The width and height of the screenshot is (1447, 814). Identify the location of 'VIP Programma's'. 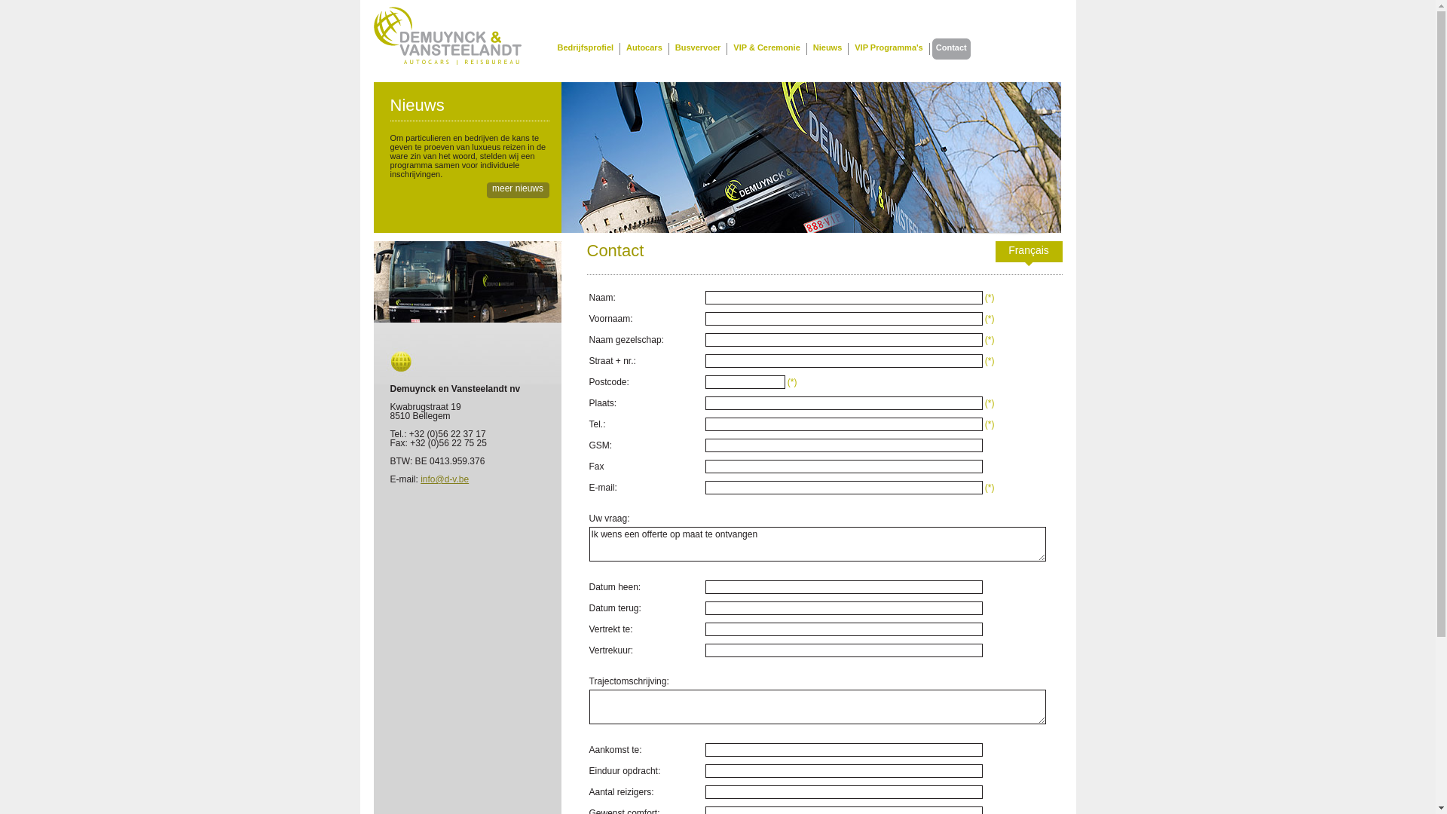
(889, 48).